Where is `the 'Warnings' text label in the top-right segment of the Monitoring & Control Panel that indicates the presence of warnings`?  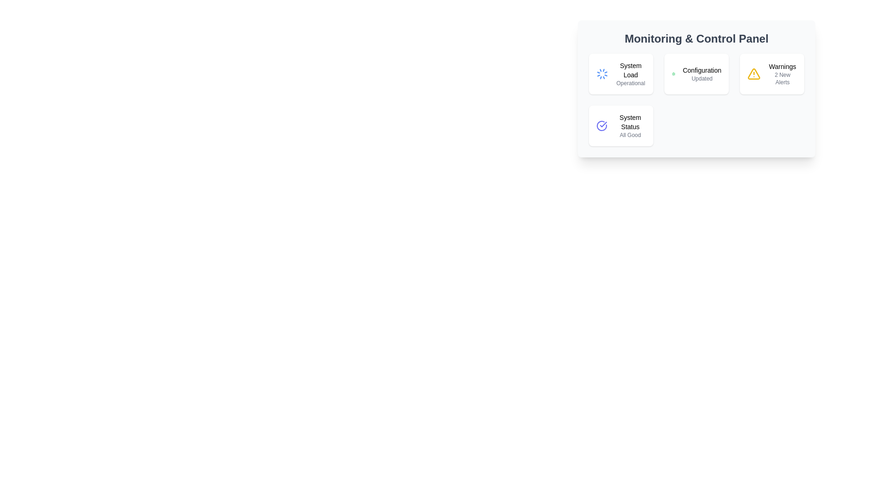 the 'Warnings' text label in the top-right segment of the Monitoring & Control Panel that indicates the presence of warnings is located at coordinates (782, 66).